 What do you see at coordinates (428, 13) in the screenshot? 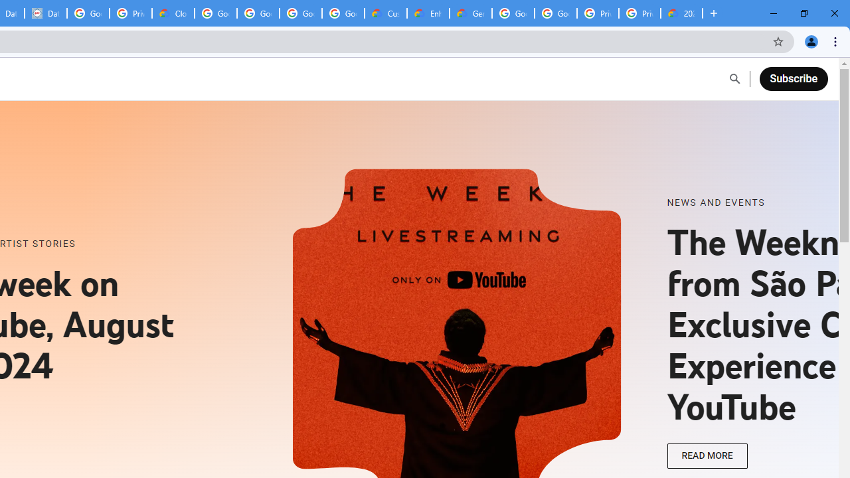
I see `'Enhanced Support | Google Cloud'` at bounding box center [428, 13].